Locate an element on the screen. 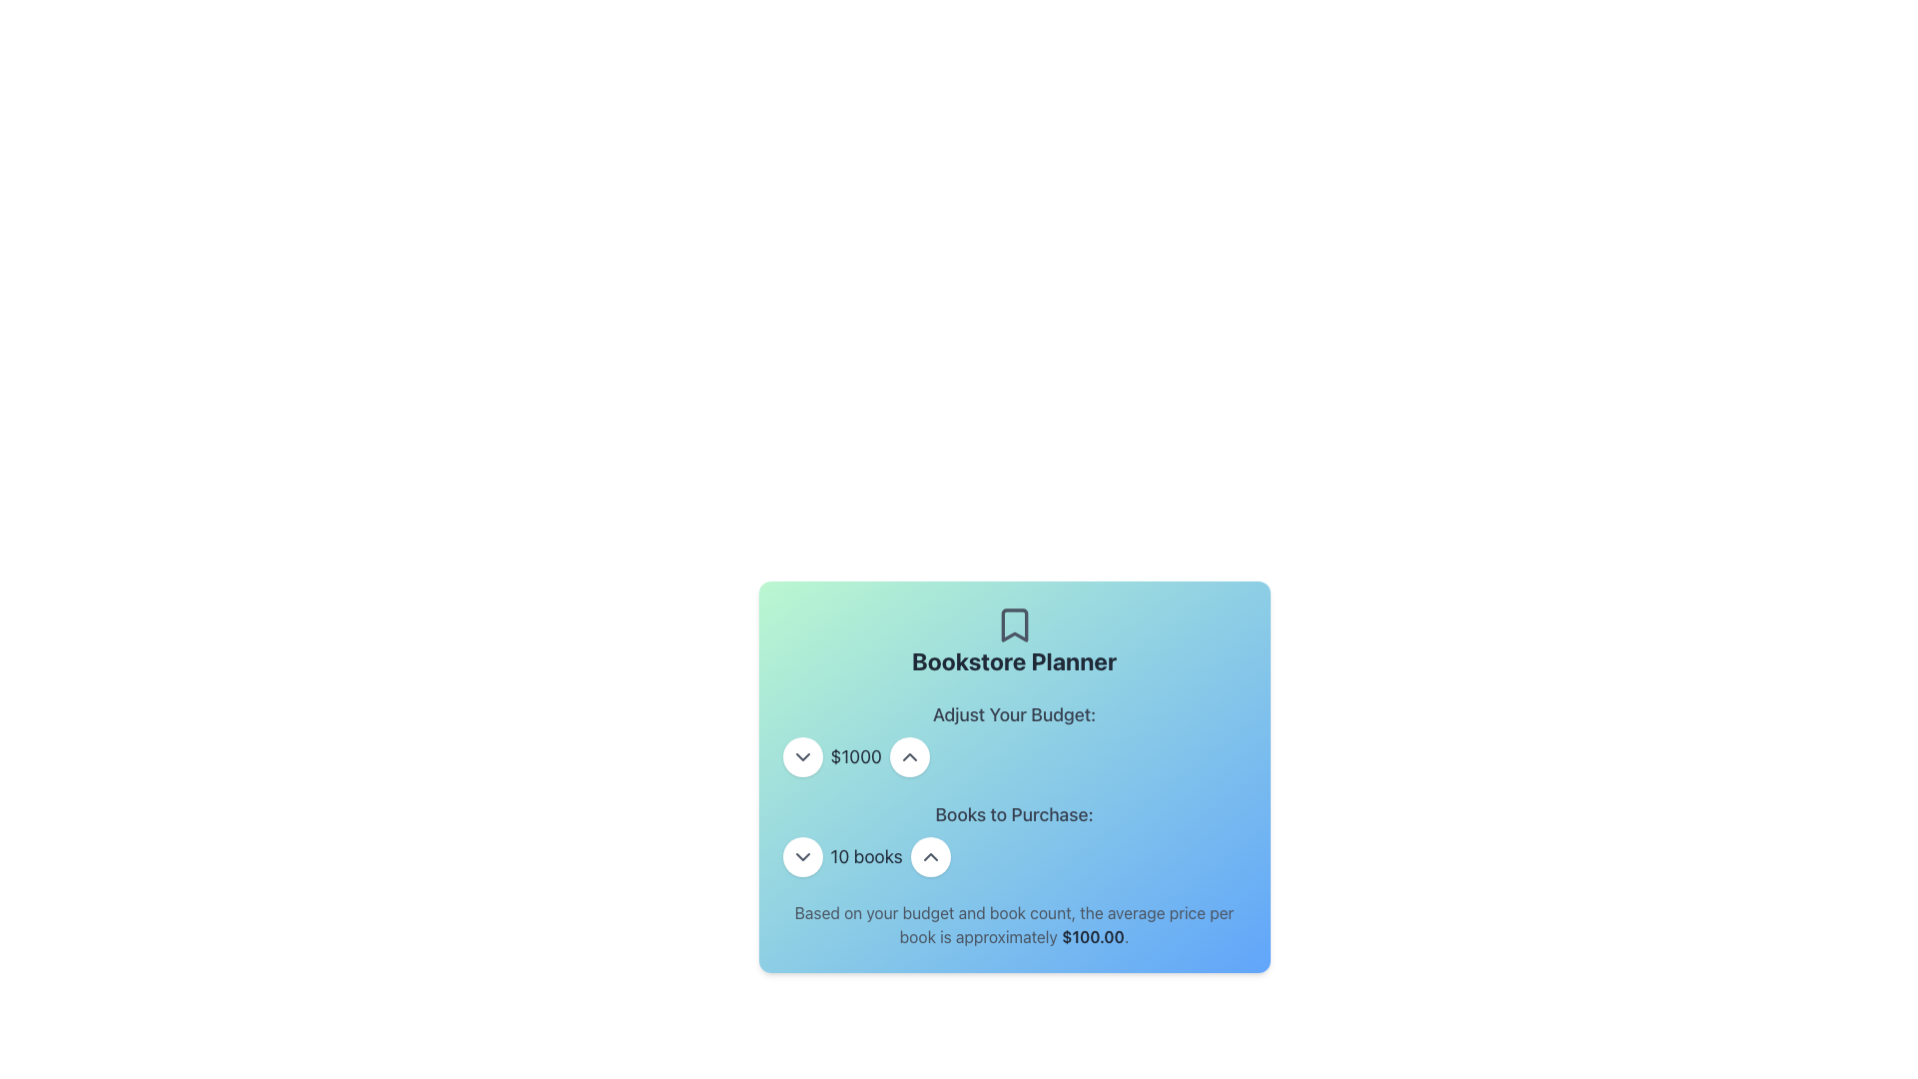 Image resolution: width=1918 pixels, height=1079 pixels. the text display that shows the calculated average price per book, positioned beneath 'Books to Purchase:.' is located at coordinates (1014, 924).